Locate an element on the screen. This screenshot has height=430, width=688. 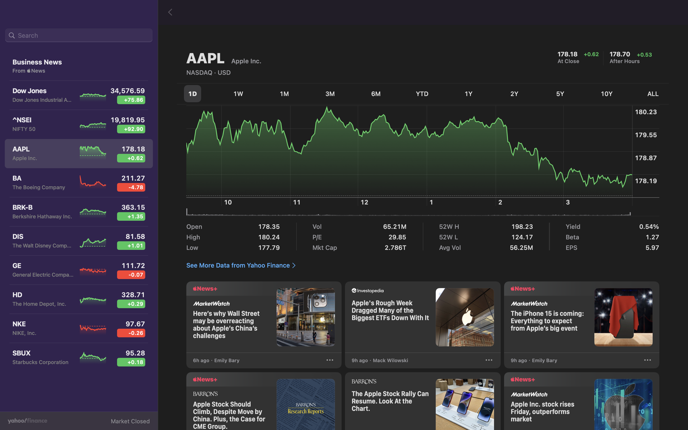
the "three dots" icon for additional options is located at coordinates (647, 361).